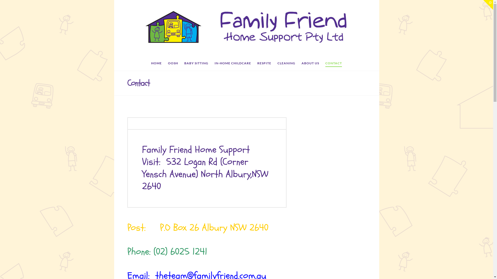 The height and width of the screenshot is (279, 497). Describe the element at coordinates (196, 64) in the screenshot. I see `'BABY SITTING'` at that location.